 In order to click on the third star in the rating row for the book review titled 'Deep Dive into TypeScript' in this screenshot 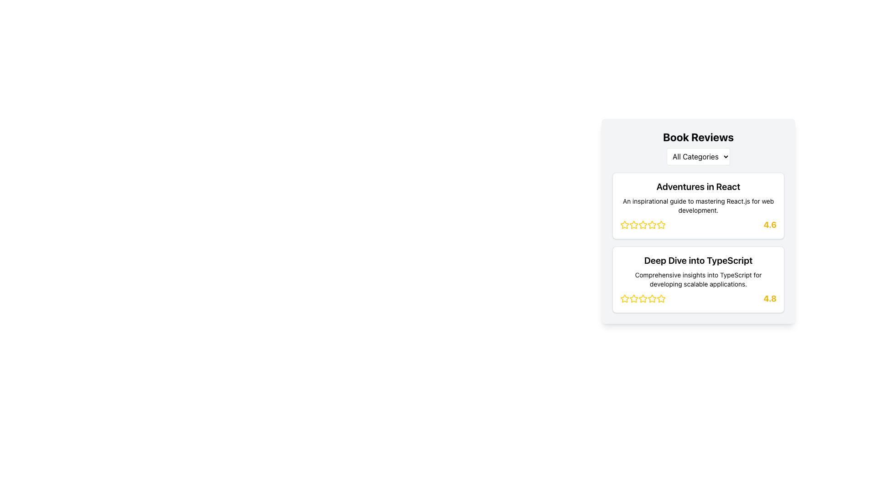, I will do `click(651, 298)`.